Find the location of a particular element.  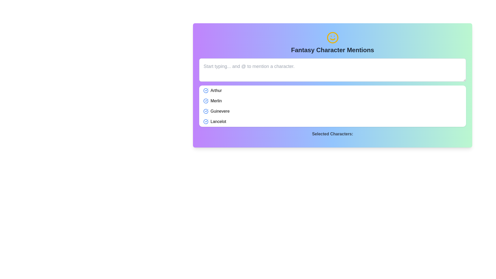

the checkmark icon graphic indicating a selected state for the list item 'Arthur' in the dropdown menu is located at coordinates (205, 90).